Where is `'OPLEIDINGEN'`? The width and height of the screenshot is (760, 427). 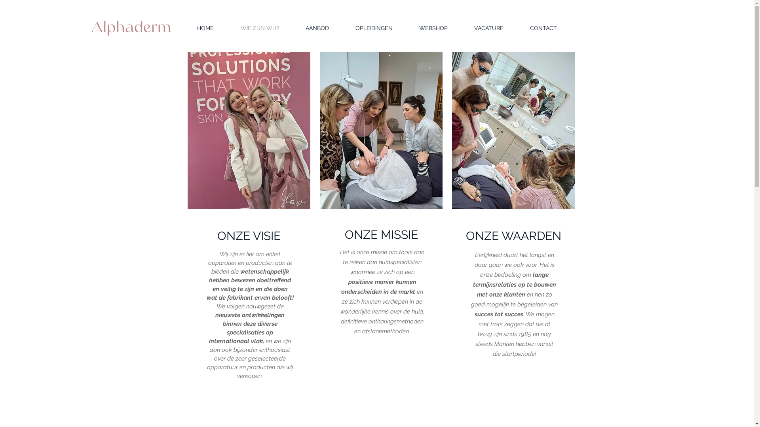
'OPLEIDINGEN' is located at coordinates (373, 28).